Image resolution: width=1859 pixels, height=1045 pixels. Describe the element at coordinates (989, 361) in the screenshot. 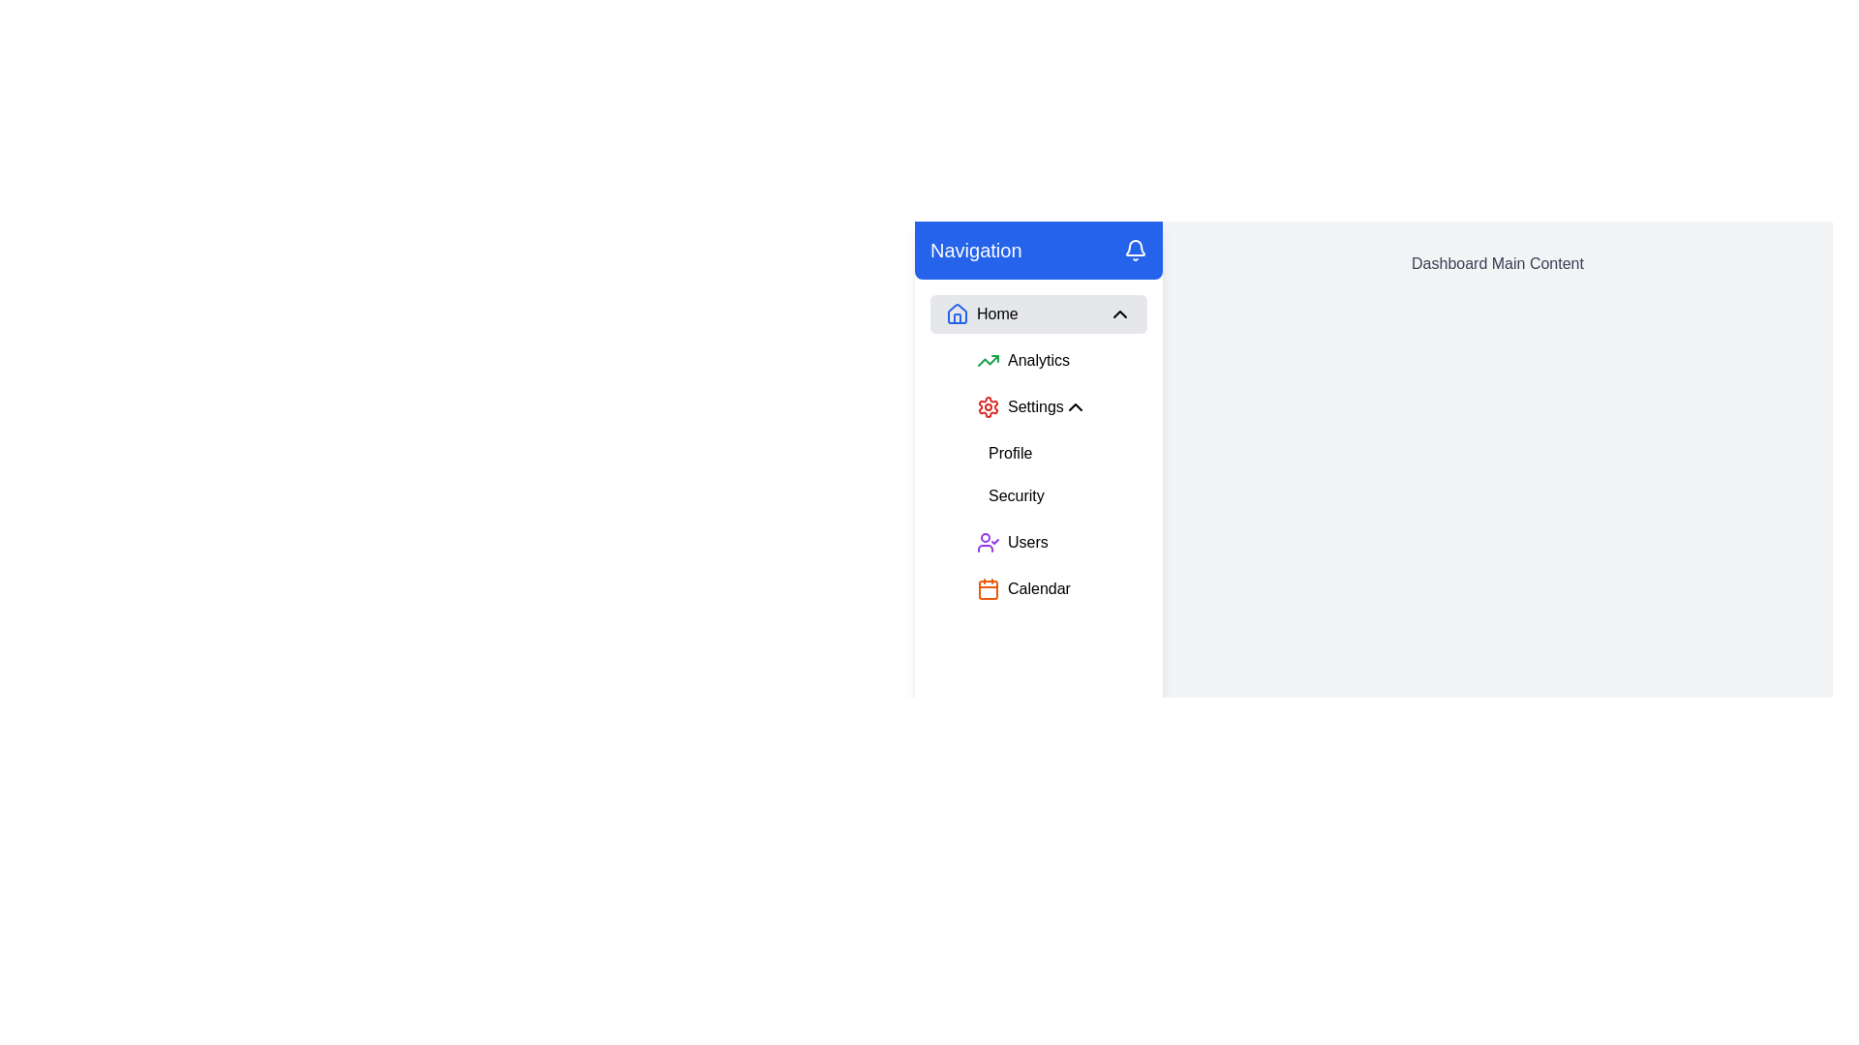

I see `the green upward arrow icon located within the 'Analytics' navigation item by moving the mouse pointer to it` at that location.